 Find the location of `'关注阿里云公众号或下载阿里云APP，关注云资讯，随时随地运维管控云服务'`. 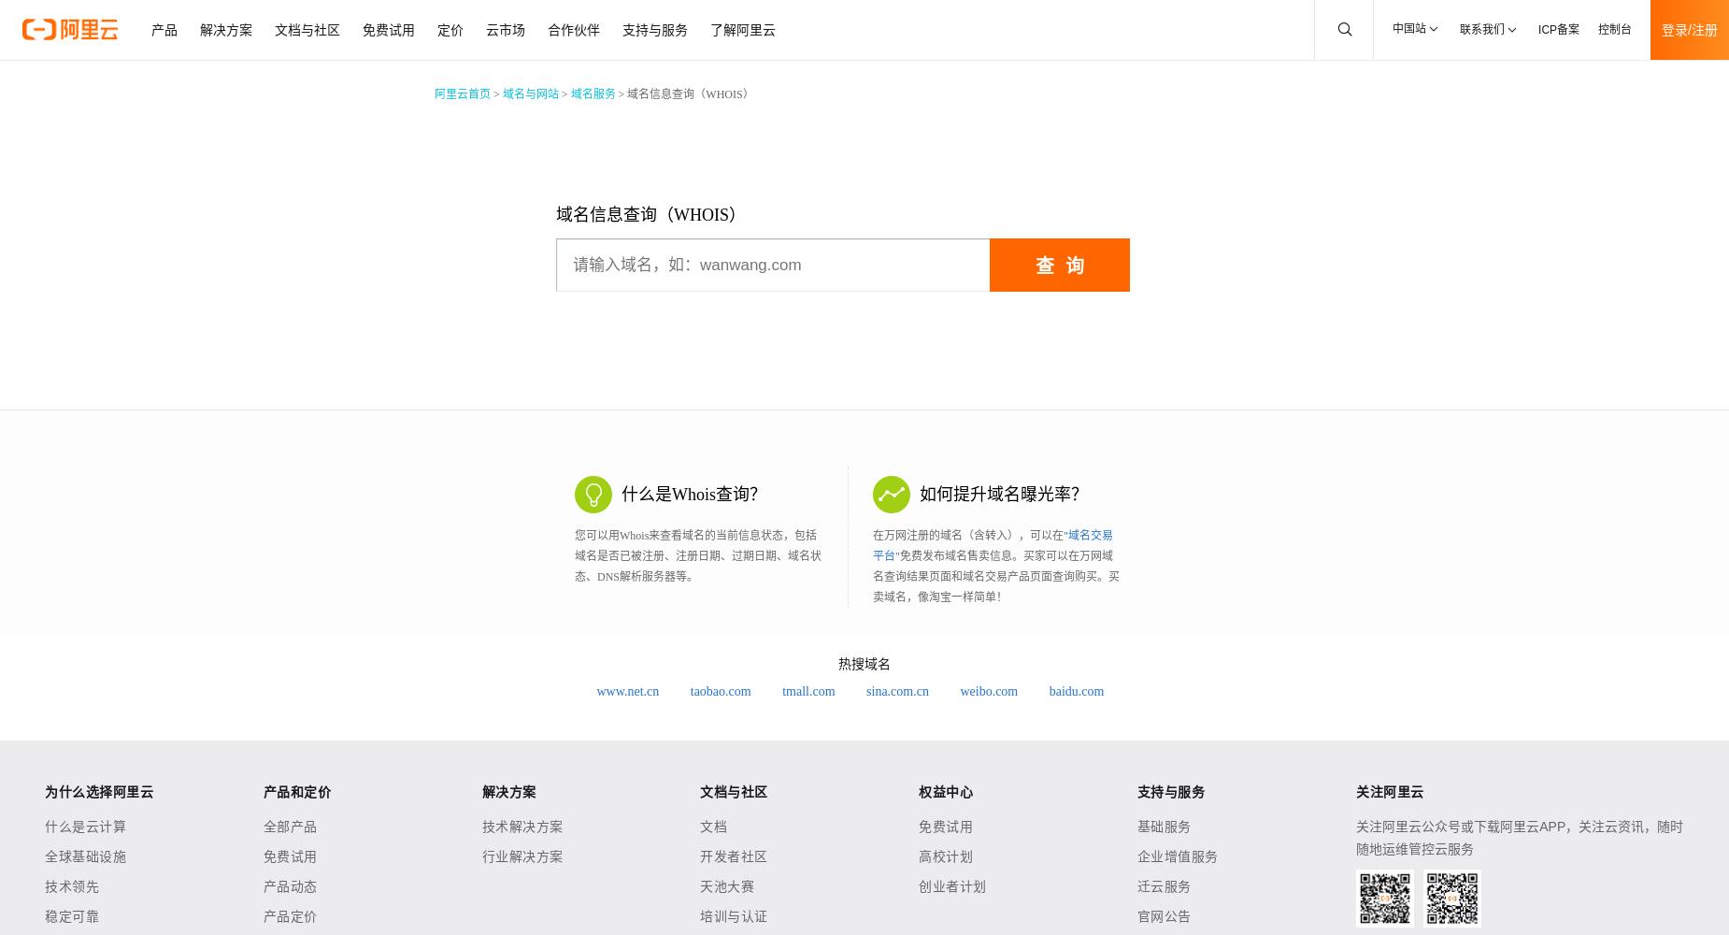

'关注阿里云公众号或下载阿里云APP，关注云资讯，随时随地运维管控云服务' is located at coordinates (1355, 838).